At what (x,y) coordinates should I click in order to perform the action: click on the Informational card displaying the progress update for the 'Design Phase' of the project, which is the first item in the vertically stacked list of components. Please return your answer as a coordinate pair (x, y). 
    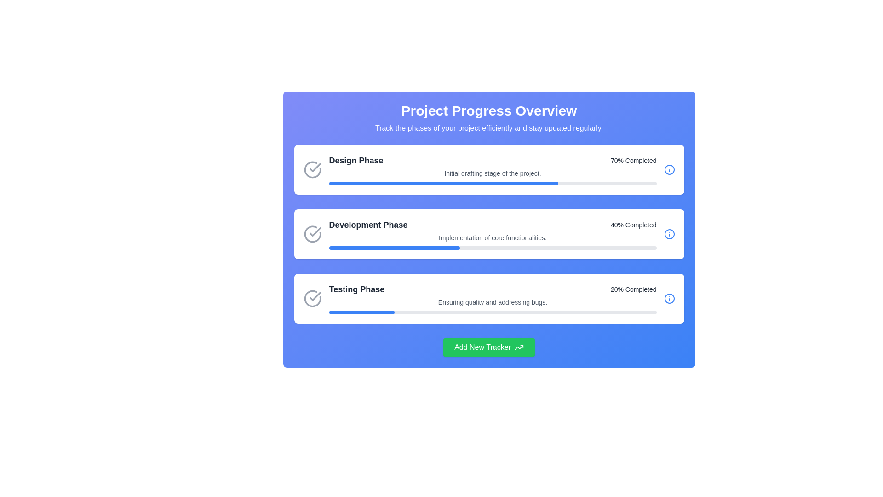
    Looking at the image, I should click on (488, 170).